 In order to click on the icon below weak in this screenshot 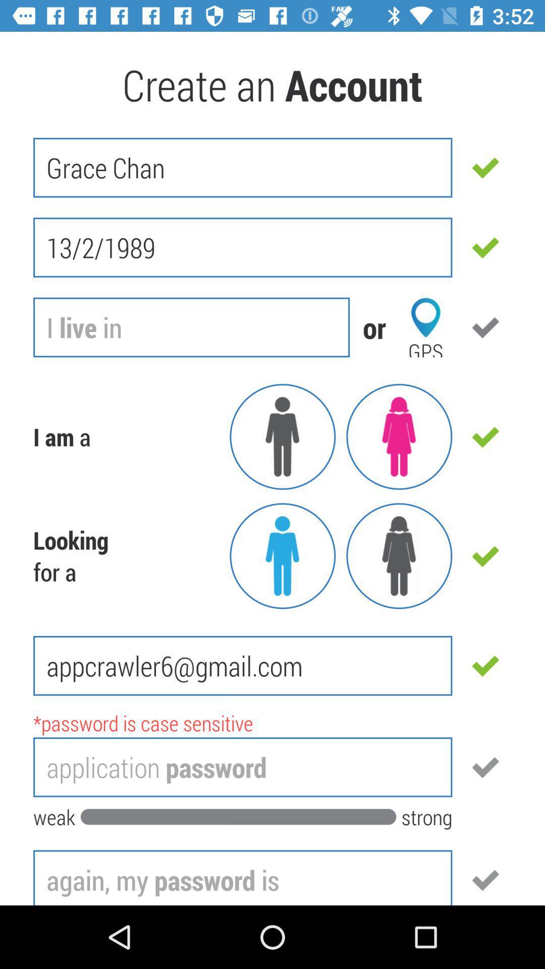, I will do `click(243, 877)`.